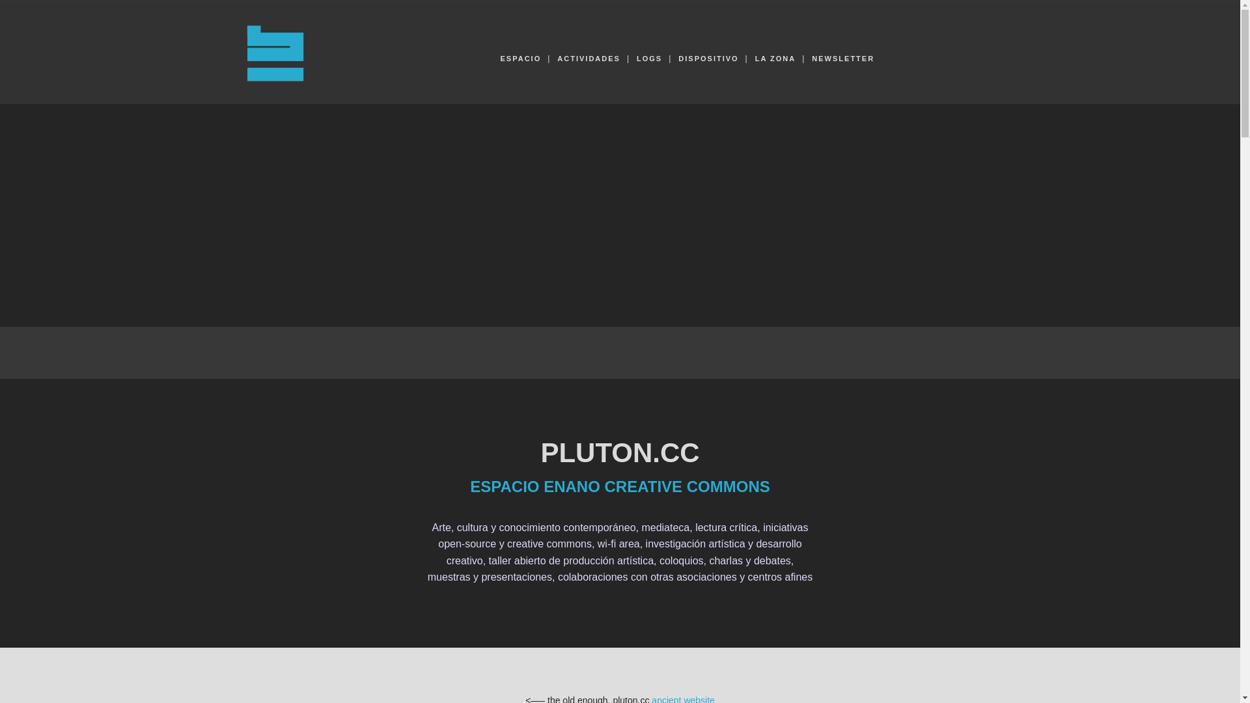 The image size is (1250, 703). I want to click on 'ACTIVIDADES', so click(588, 57).